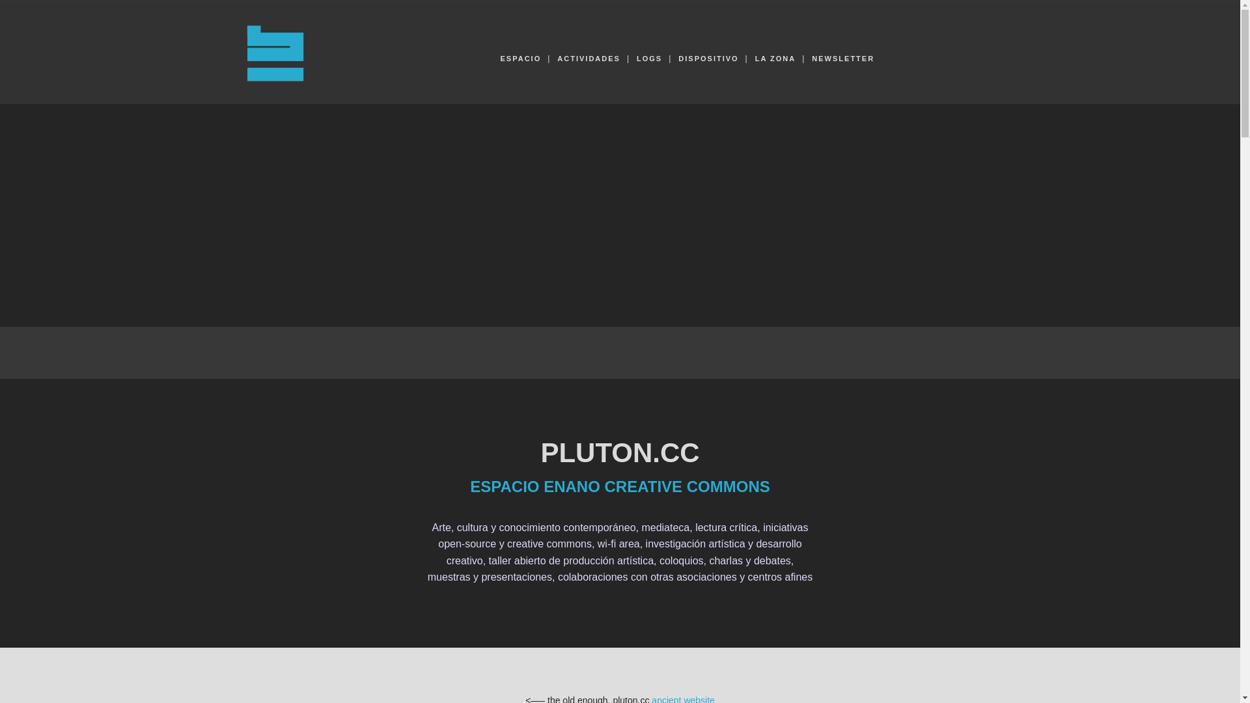 The image size is (1250, 703). I want to click on 'ACTIVIDADES', so click(588, 57).